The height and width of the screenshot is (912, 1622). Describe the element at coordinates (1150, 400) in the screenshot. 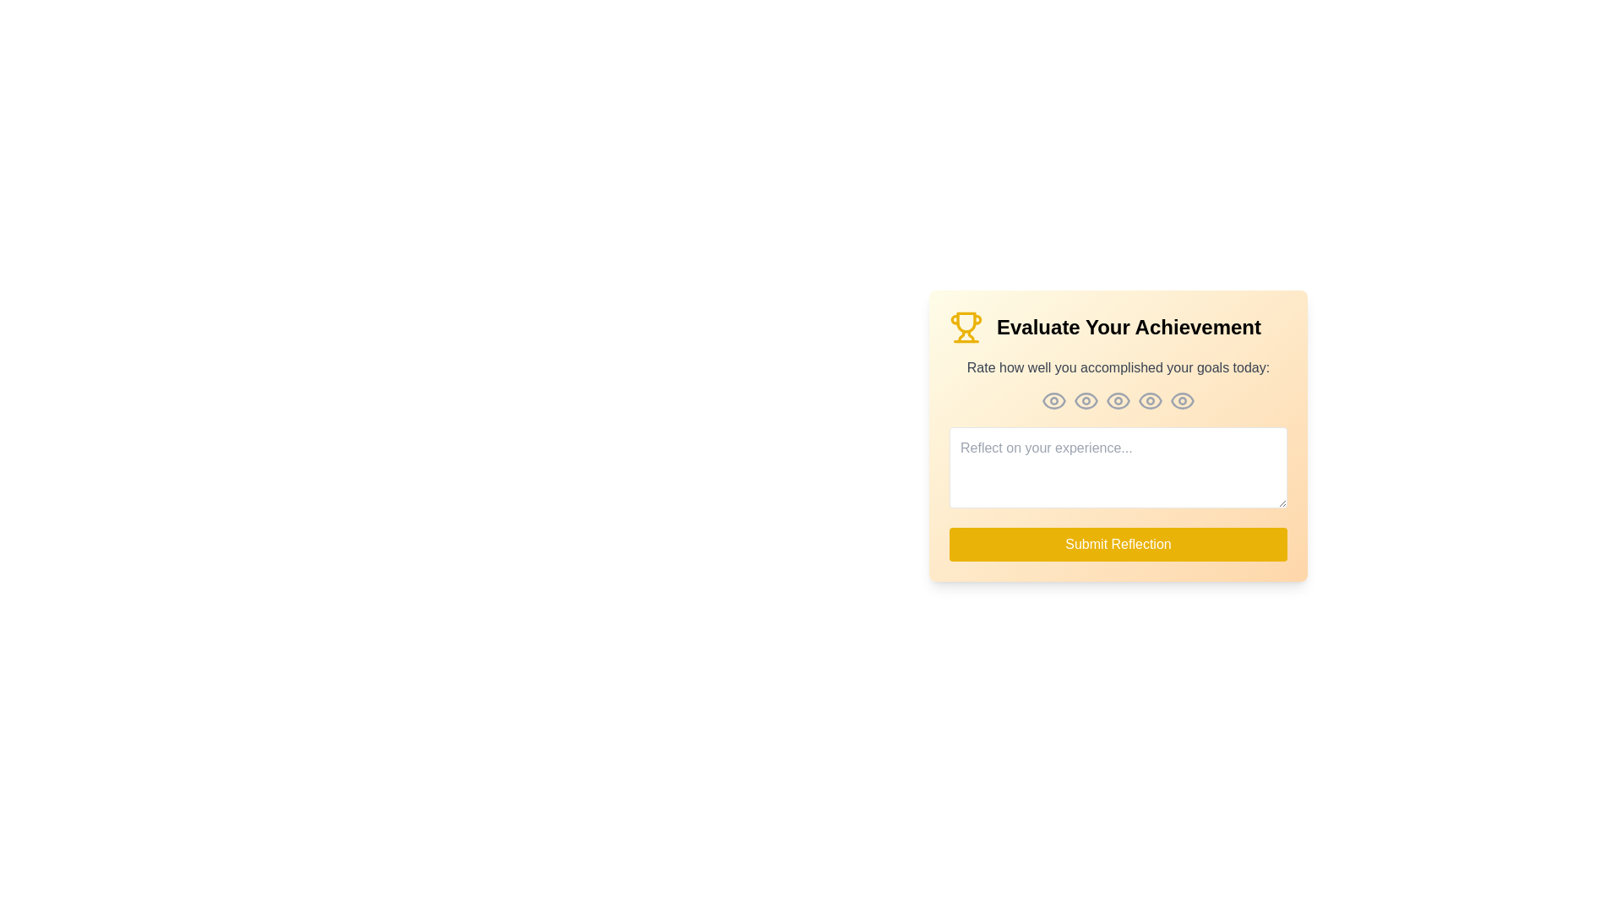

I see `the eye icon corresponding to the rating level 4 to set the rating` at that location.